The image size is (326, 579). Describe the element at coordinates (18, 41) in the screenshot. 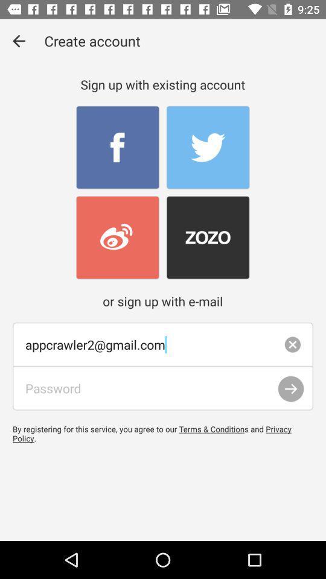

I see `the arrow_backward icon` at that location.